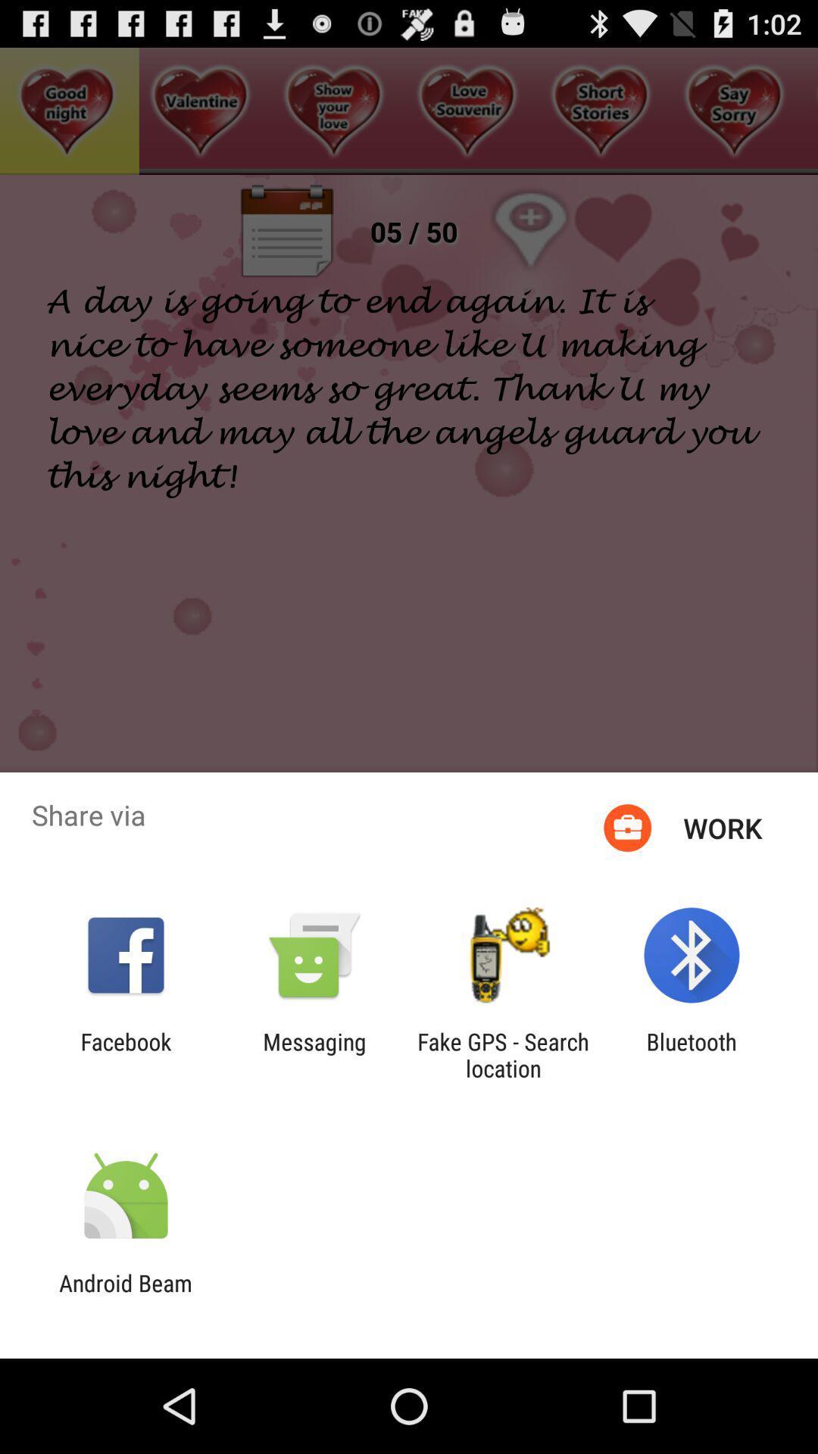 The image size is (818, 1454). I want to click on messaging, so click(314, 1054).